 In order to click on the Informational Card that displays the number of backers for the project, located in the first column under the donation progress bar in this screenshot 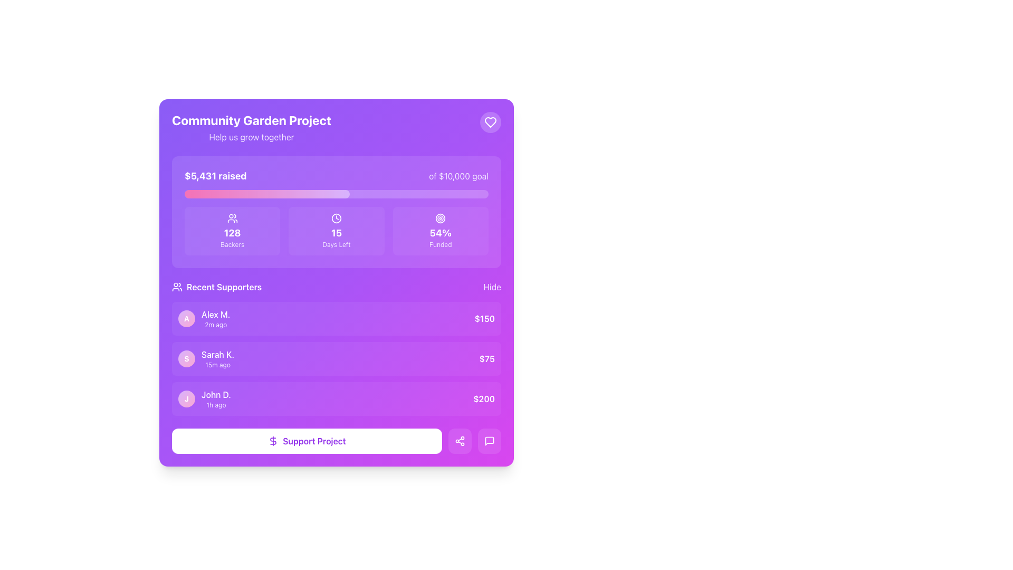, I will do `click(232, 231)`.